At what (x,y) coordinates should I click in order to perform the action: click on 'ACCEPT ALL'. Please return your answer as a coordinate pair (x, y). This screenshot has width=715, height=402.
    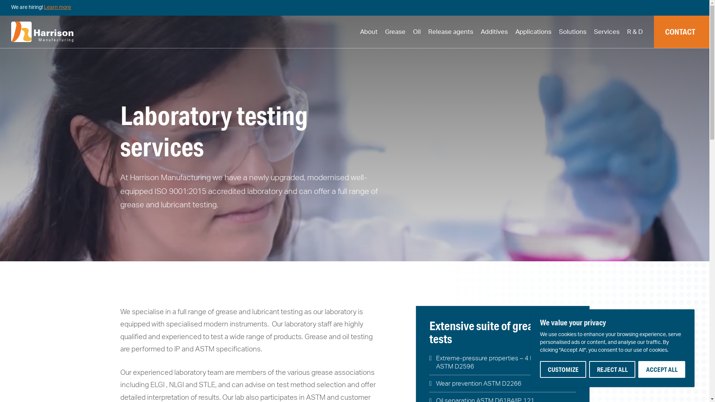
    Looking at the image, I should click on (638, 369).